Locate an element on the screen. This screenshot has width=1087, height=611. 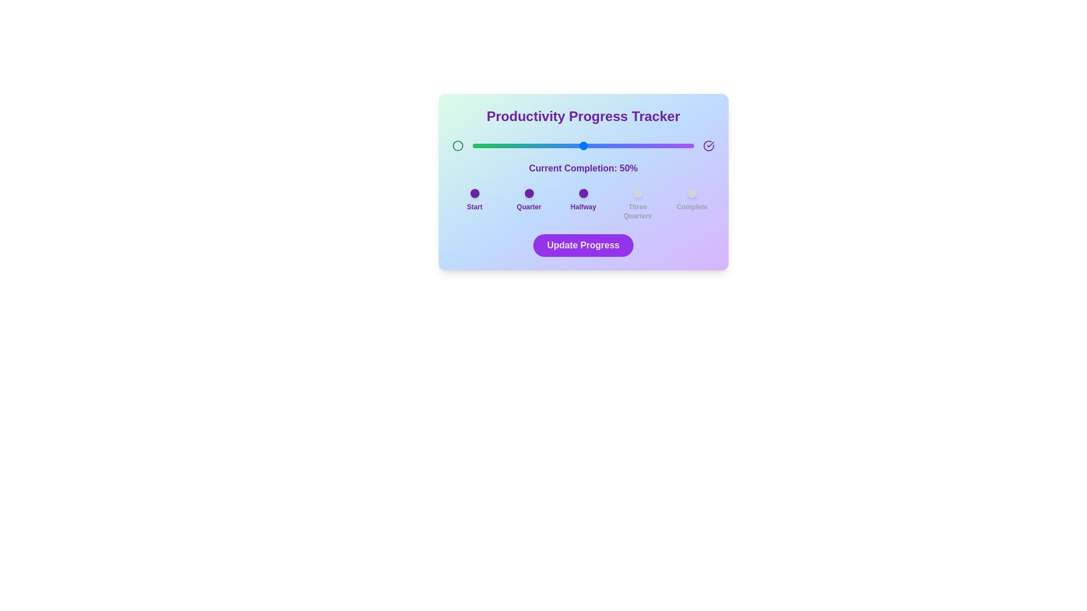
the slider to set the completion percentage to 71 is located at coordinates (629, 145).